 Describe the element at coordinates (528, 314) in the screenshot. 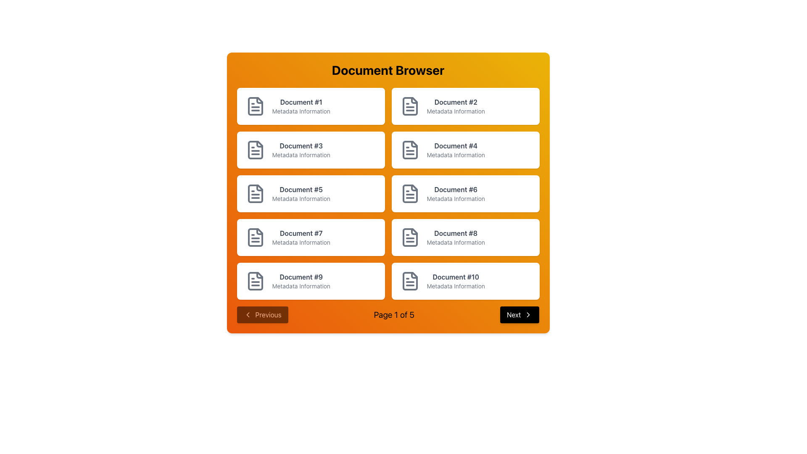

I see `the 'Next' button which contains a right-pointing arrow graphic` at that location.